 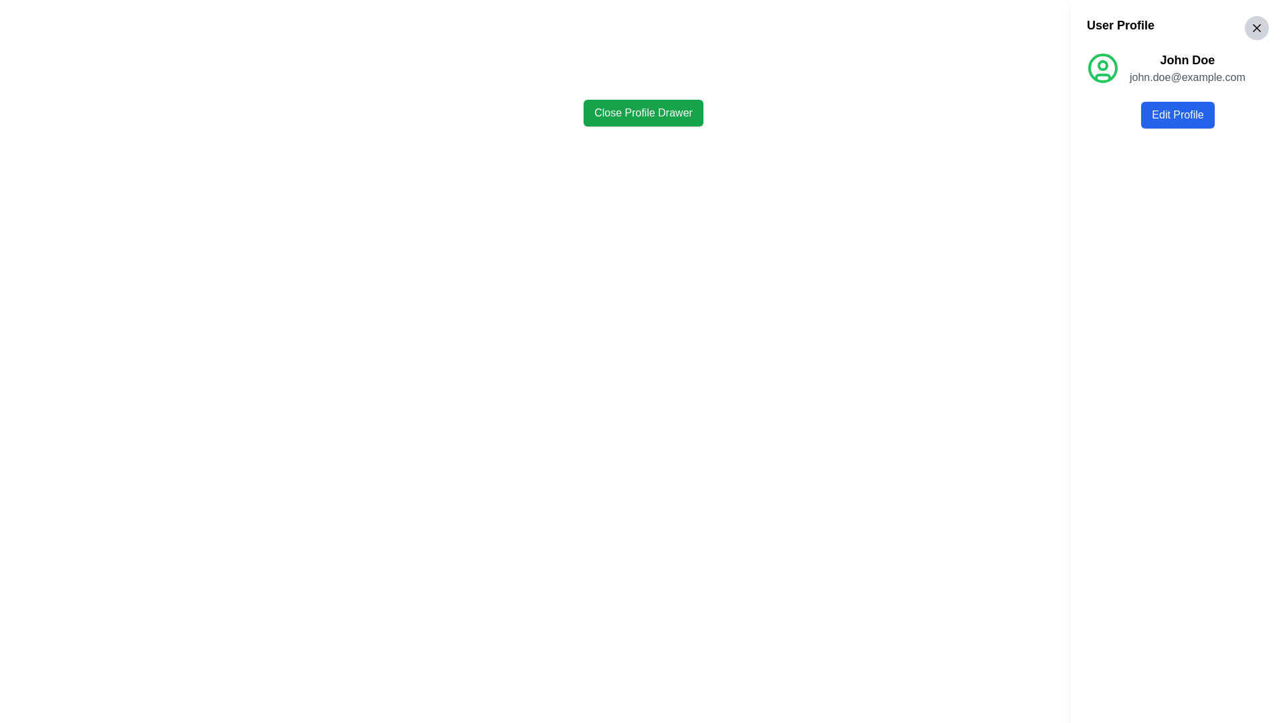 I want to click on the Close button icon located in the top-right corner of the User Profile section, so click(x=1256, y=28).